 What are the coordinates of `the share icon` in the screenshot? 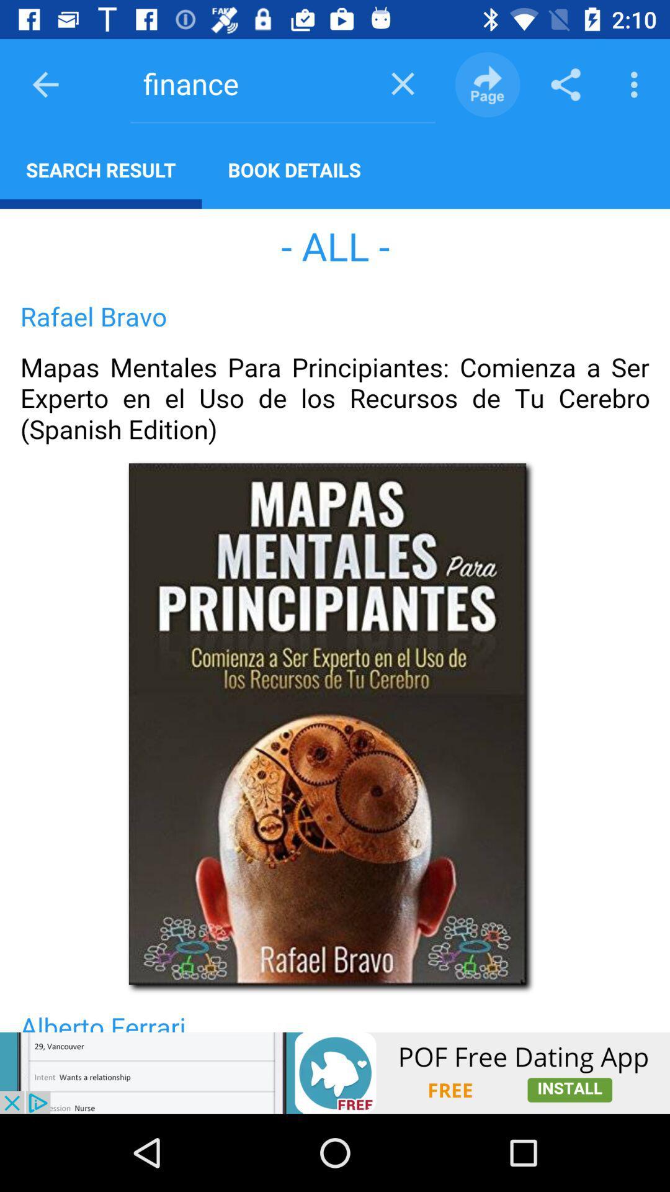 It's located at (565, 84).